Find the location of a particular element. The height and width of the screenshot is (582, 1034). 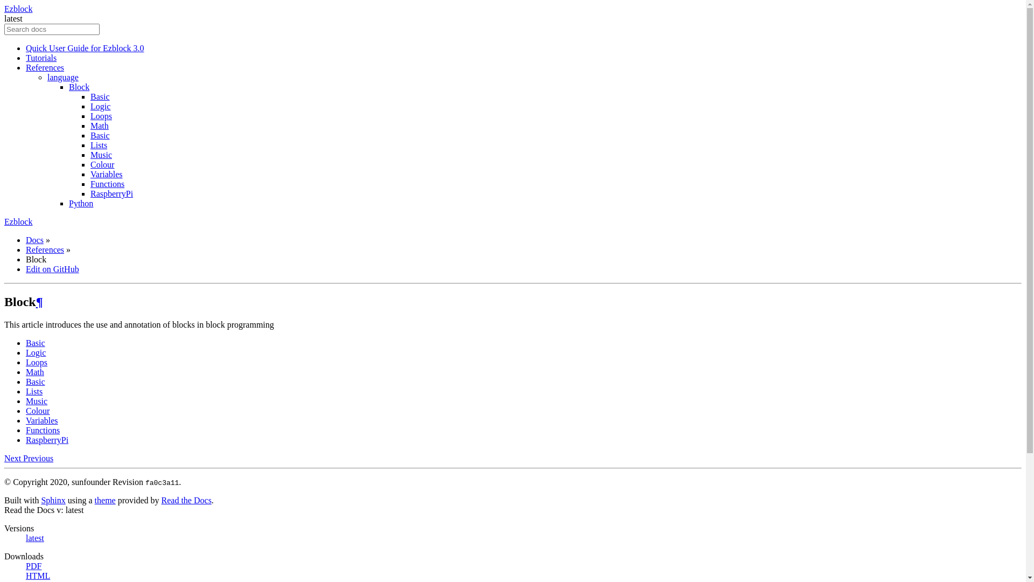

'Read the Docs' is located at coordinates (186, 500).